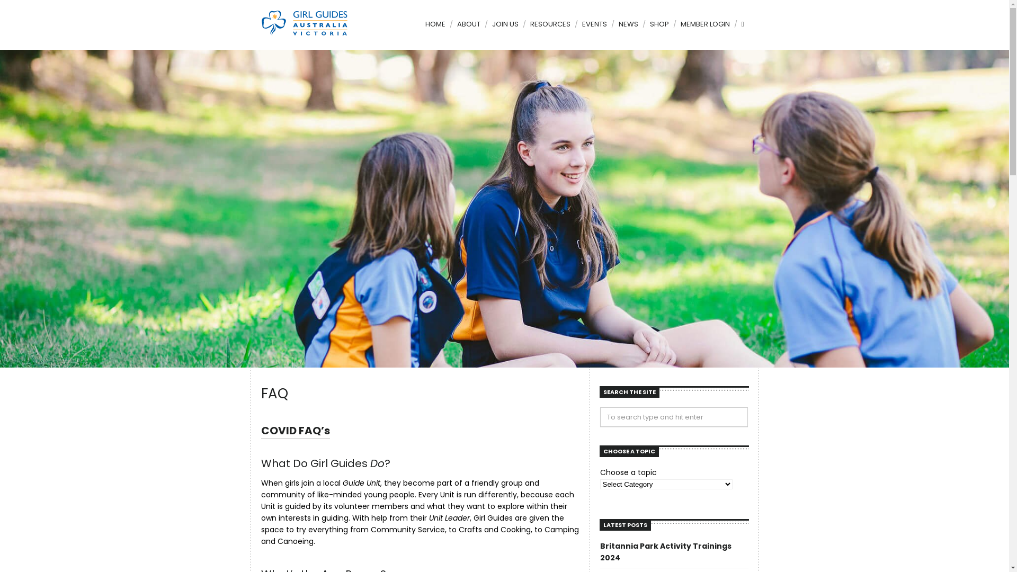 The width and height of the screenshot is (1017, 572). What do you see at coordinates (703, 29) in the screenshot?
I see `'MEMBER LOGIN'` at bounding box center [703, 29].